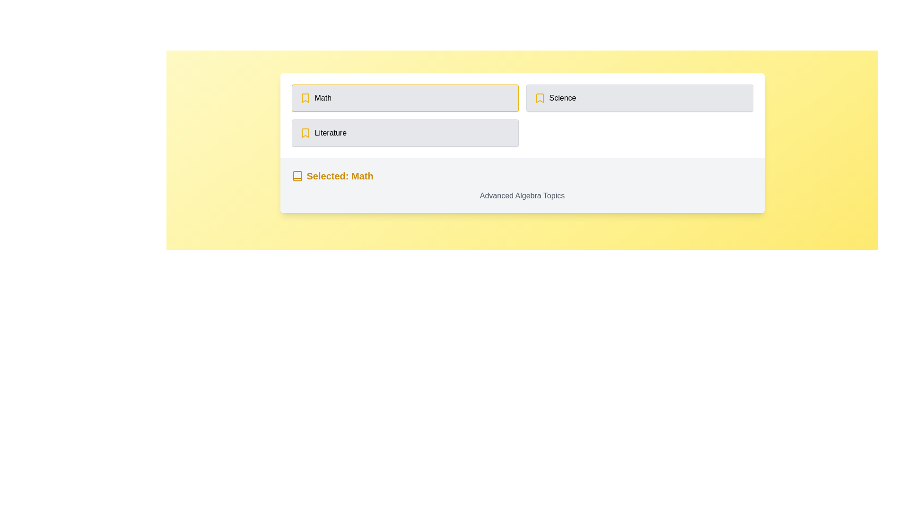 The height and width of the screenshot is (510, 908). Describe the element at coordinates (297, 176) in the screenshot. I see `the category selection icon indicating 'Math', which is positioned to the left of the text 'Selected: Math'` at that location.